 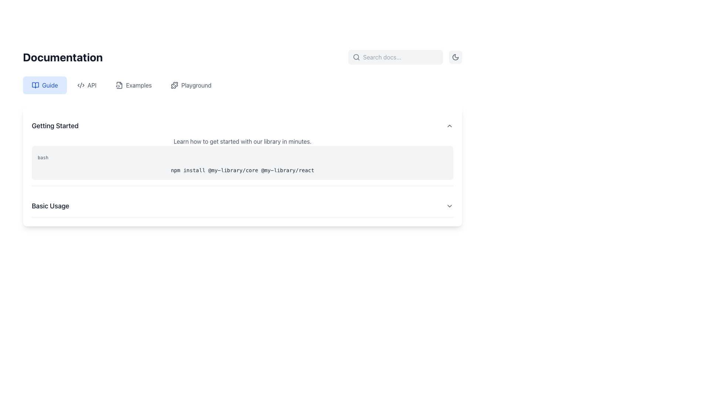 What do you see at coordinates (50, 206) in the screenshot?
I see `the 'Basic Usage' Text Label, which serves as a contextual title indicating a section related to basic usage, located below the 'Getting Started' header` at bounding box center [50, 206].